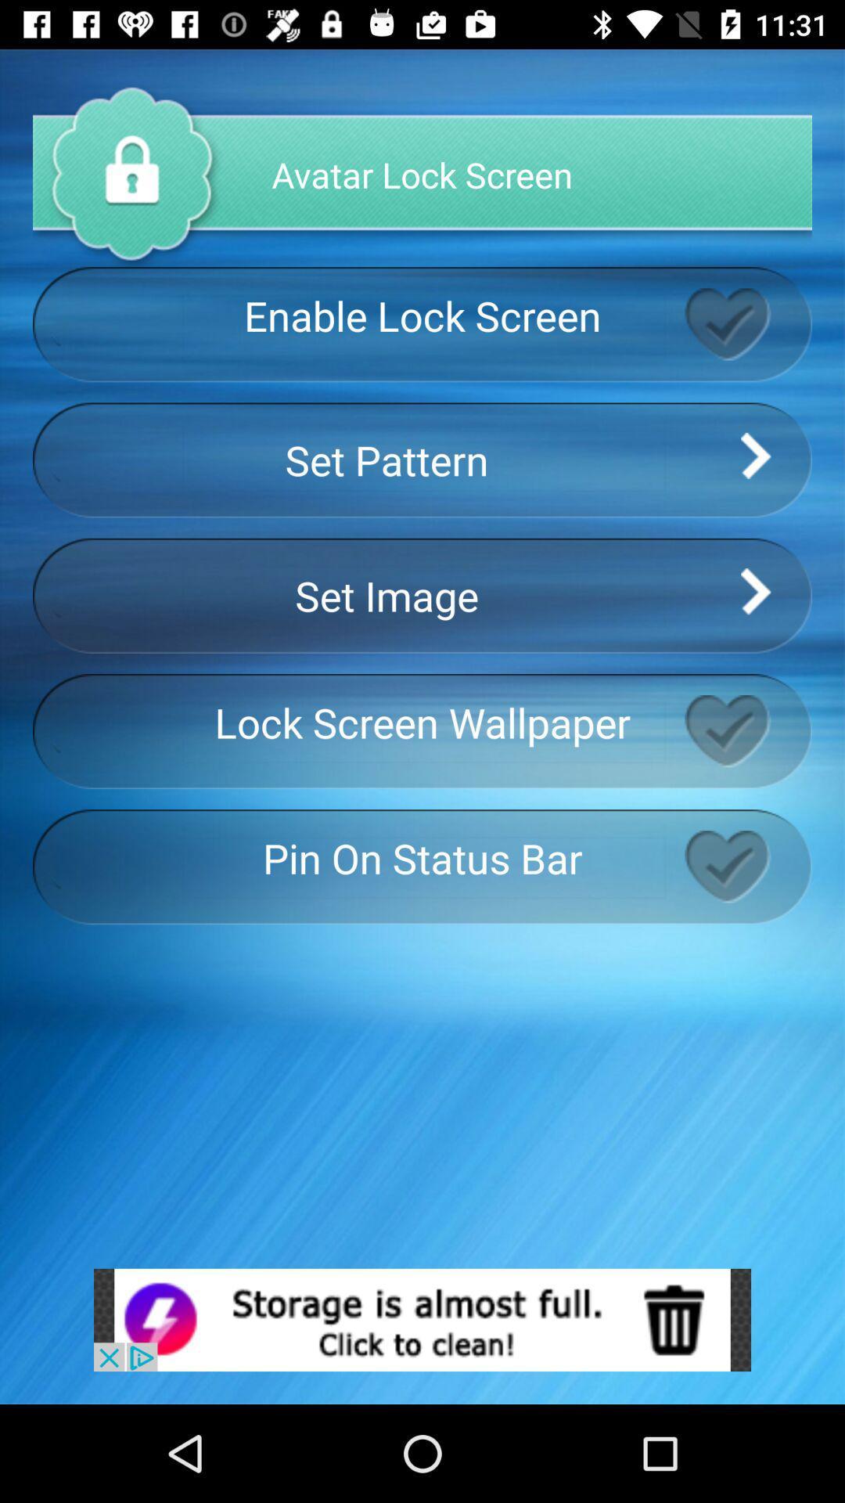 Image resolution: width=845 pixels, height=1503 pixels. Describe the element at coordinates (422, 1319) in the screenshot. I see `open trash` at that location.